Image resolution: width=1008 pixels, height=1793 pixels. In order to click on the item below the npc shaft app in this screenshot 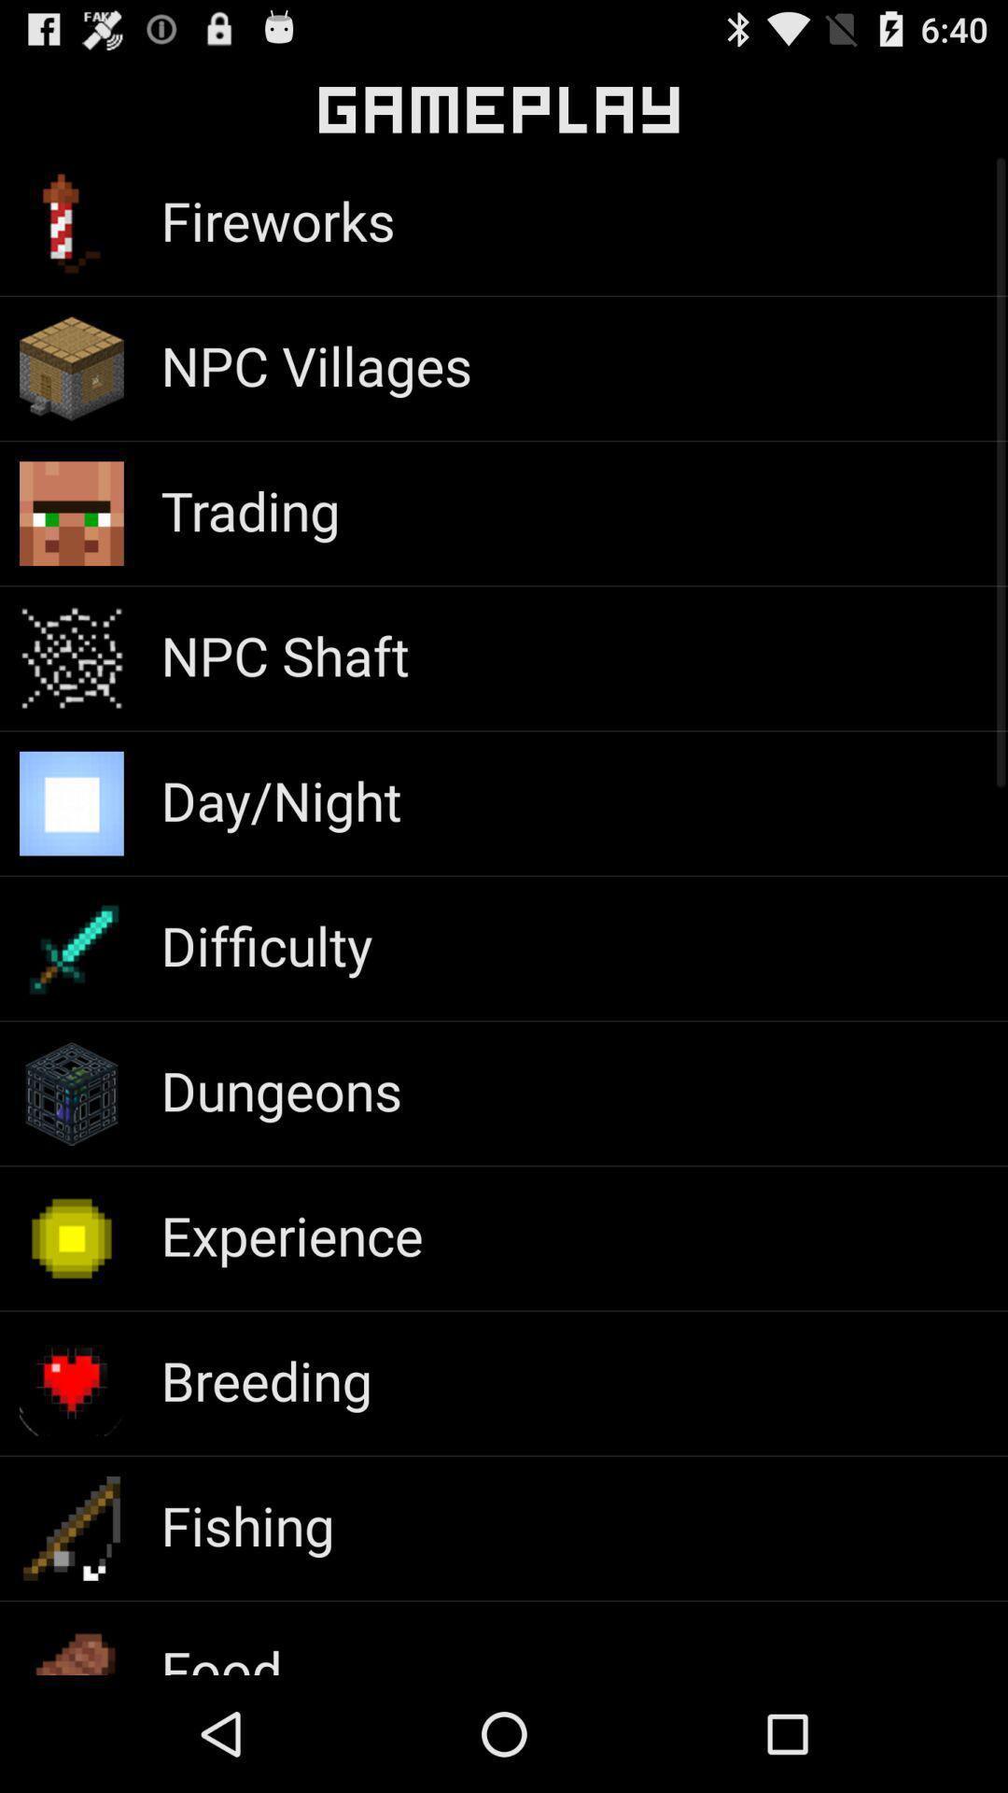, I will do `click(281, 799)`.